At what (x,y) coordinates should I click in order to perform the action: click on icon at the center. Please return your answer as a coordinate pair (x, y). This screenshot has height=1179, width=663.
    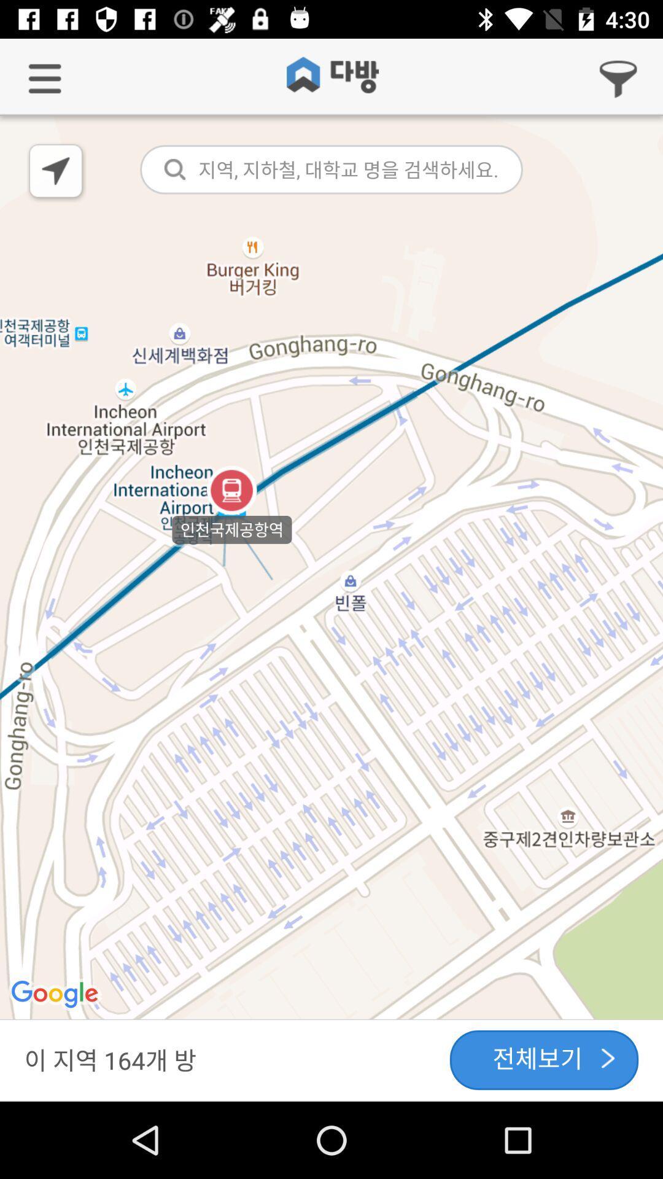
    Looking at the image, I should click on (331, 567).